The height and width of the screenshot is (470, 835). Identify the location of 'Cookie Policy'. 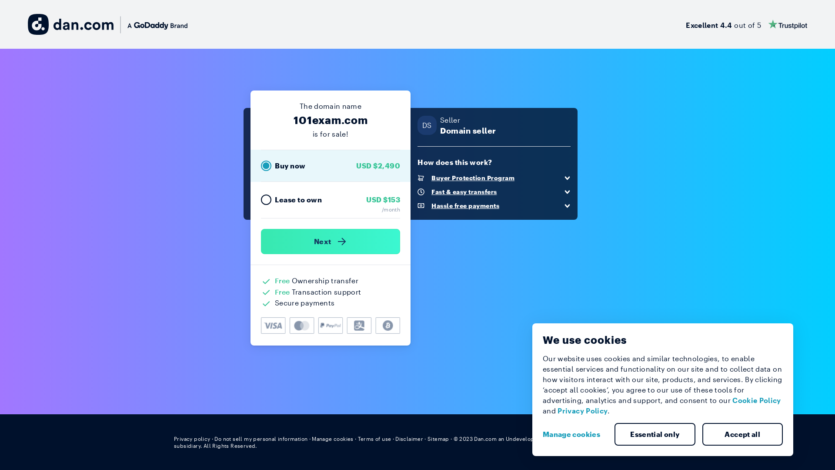
(756, 400).